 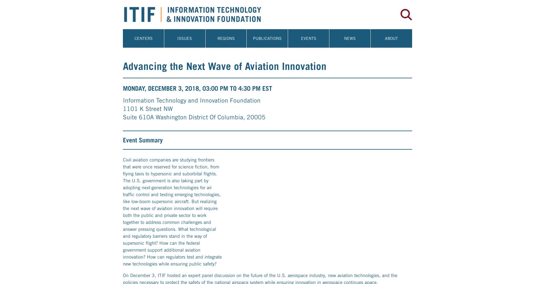 What do you see at coordinates (130, 197) in the screenshot?
I see `'Follow'` at bounding box center [130, 197].